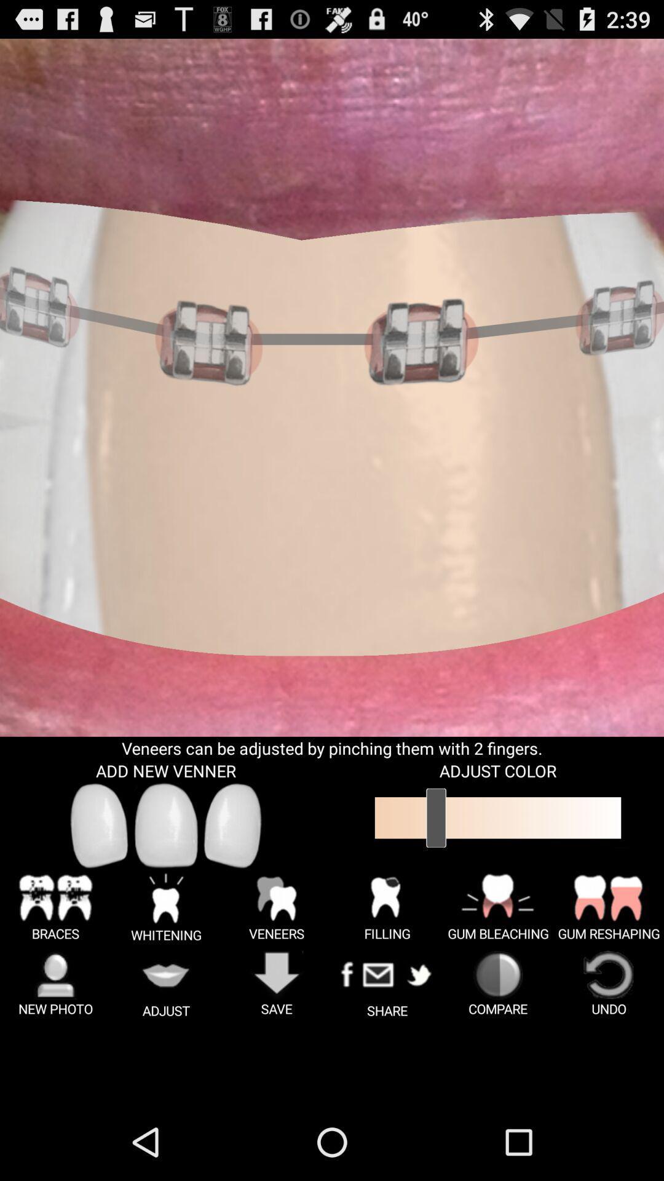 The image size is (664, 1181). I want to click on new veneer, so click(233, 825).